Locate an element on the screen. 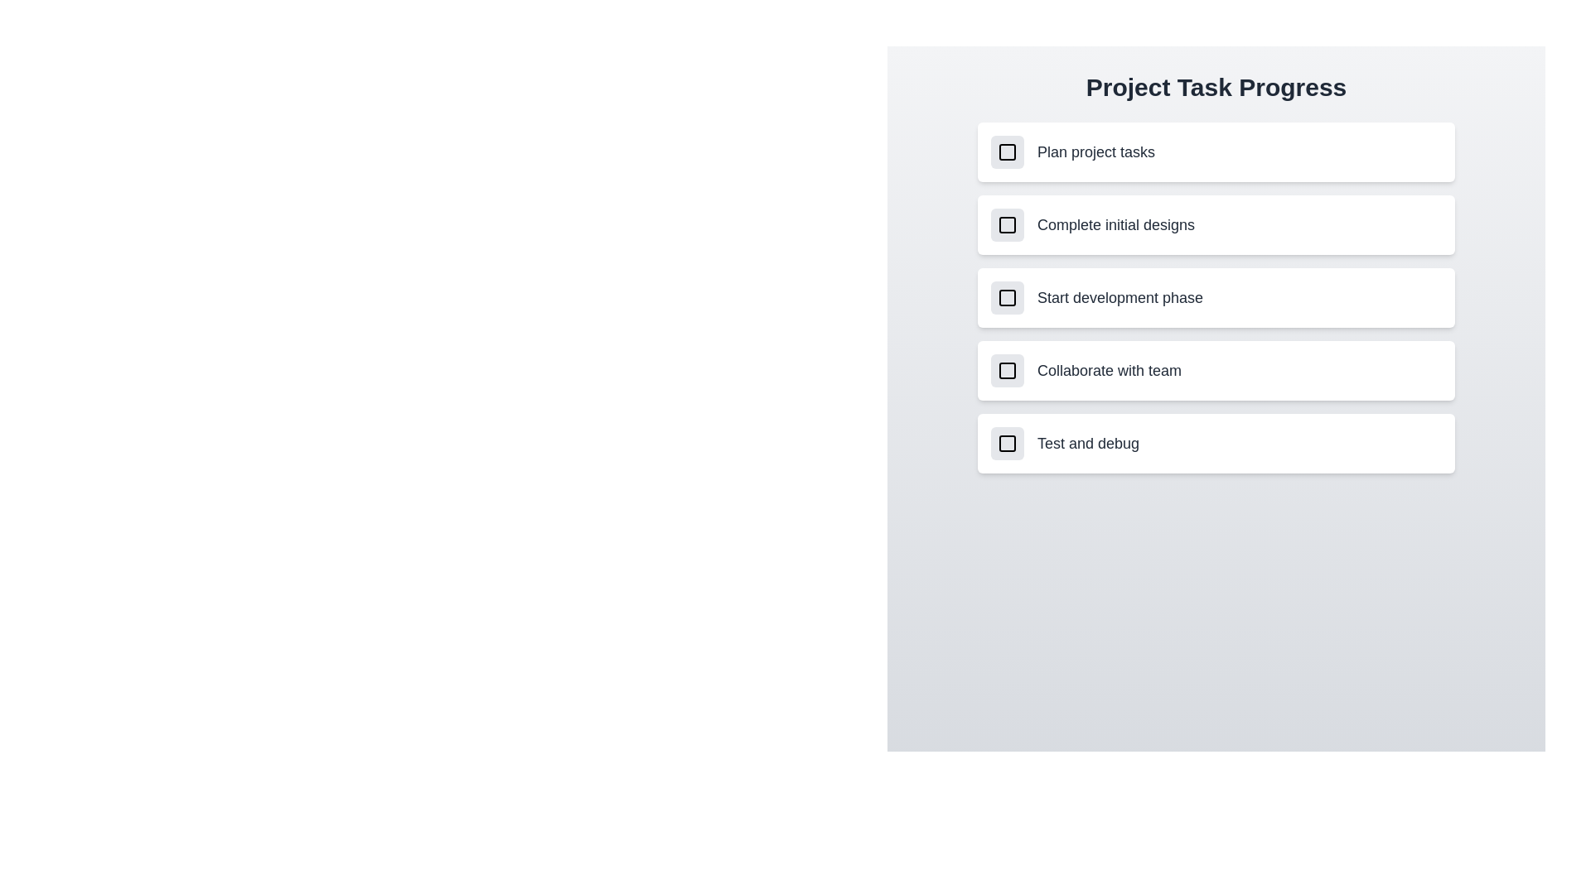  the checkbox corresponding to the task 'Test and debug' to toggle its completion status is located at coordinates (1006, 443).